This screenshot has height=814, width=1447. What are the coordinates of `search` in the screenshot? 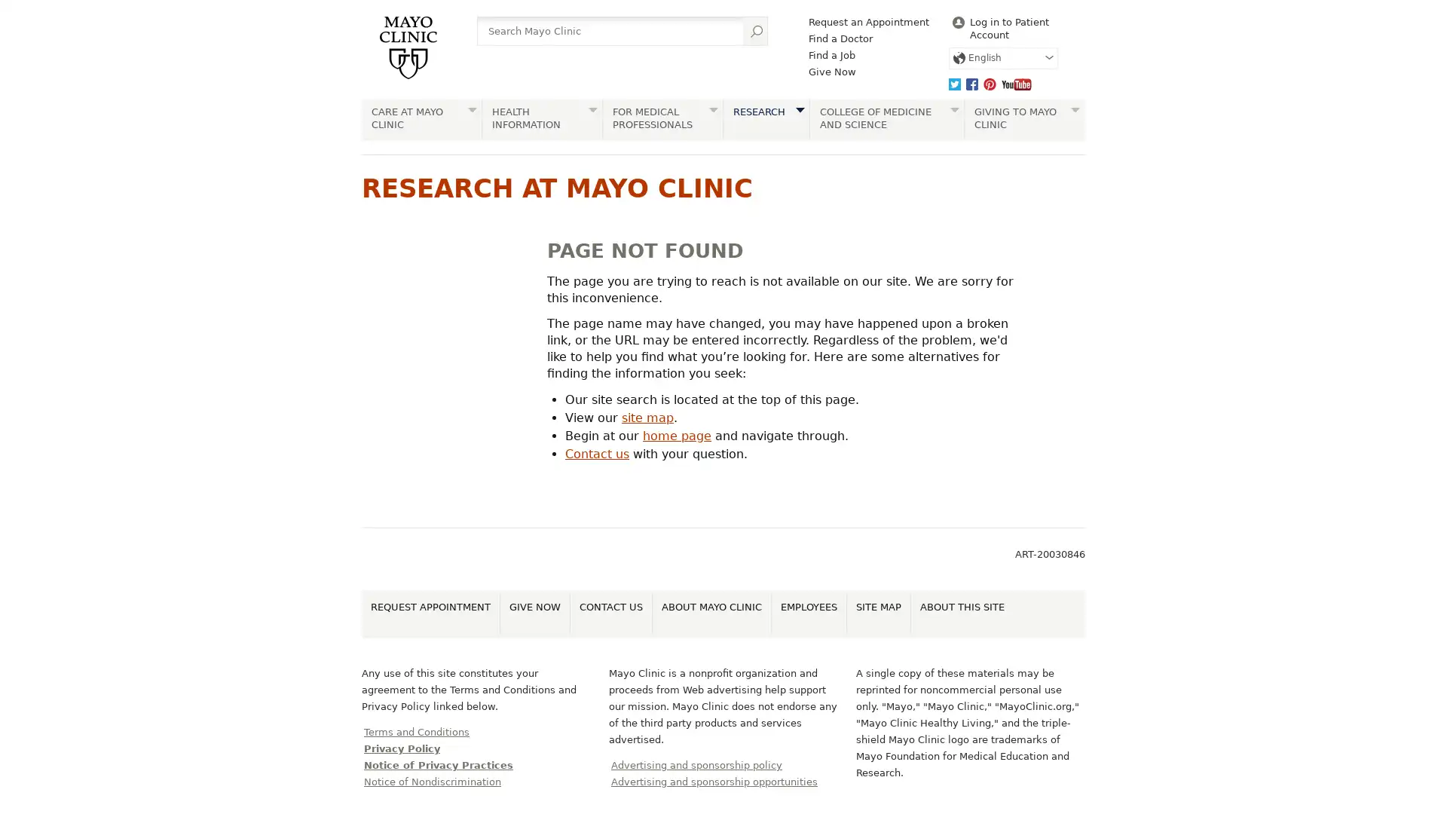 It's located at (755, 31).